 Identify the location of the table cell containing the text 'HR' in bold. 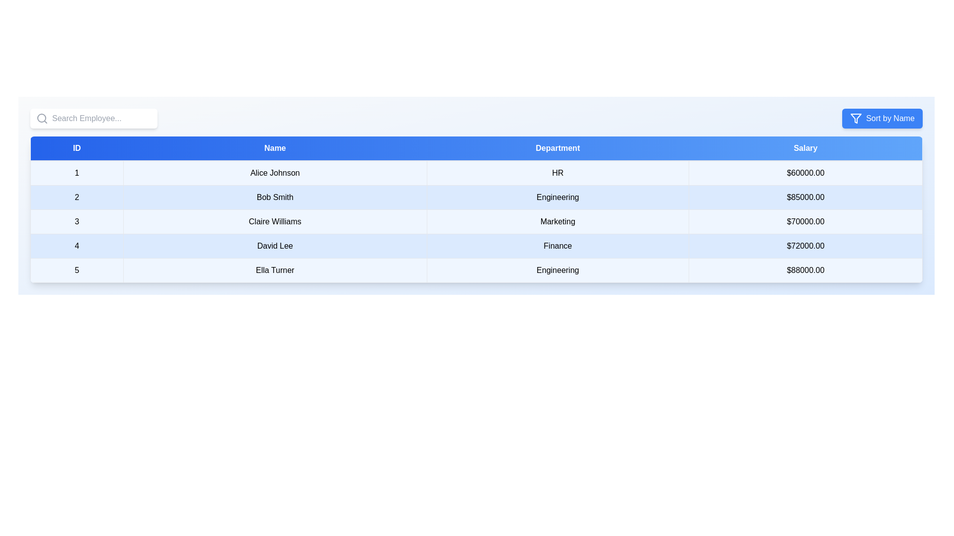
(557, 172).